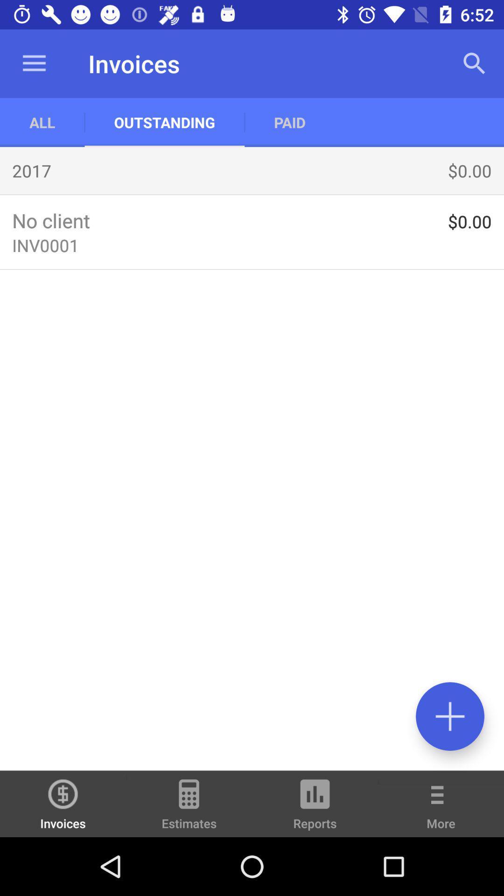 This screenshot has width=504, height=896. What do you see at coordinates (42, 122) in the screenshot?
I see `the icon to the left of the outstanding item` at bounding box center [42, 122].